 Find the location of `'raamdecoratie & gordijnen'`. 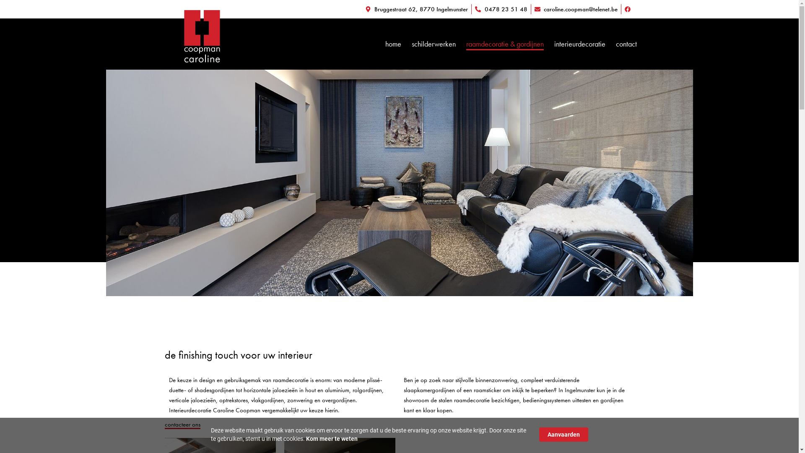

'raamdecoratie & gordijnen' is located at coordinates (504, 44).